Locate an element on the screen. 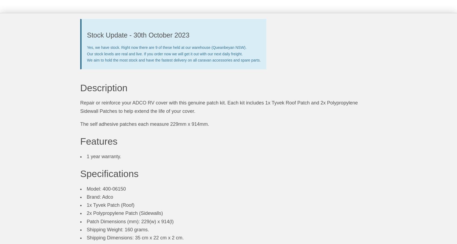 The width and height of the screenshot is (457, 244). 'Patch Dimensions (mm): 229(w) x 914(l)' is located at coordinates (86, 221).